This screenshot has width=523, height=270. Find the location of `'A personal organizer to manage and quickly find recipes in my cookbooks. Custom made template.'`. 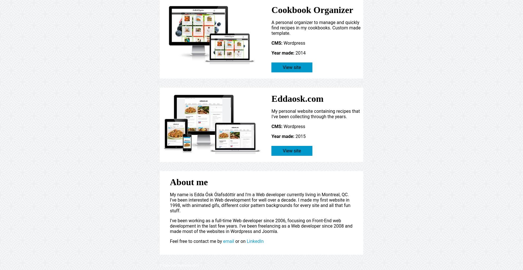

'A personal organizer to manage and quickly find recipes in my cookbooks. Custom made template.' is located at coordinates (315, 27).